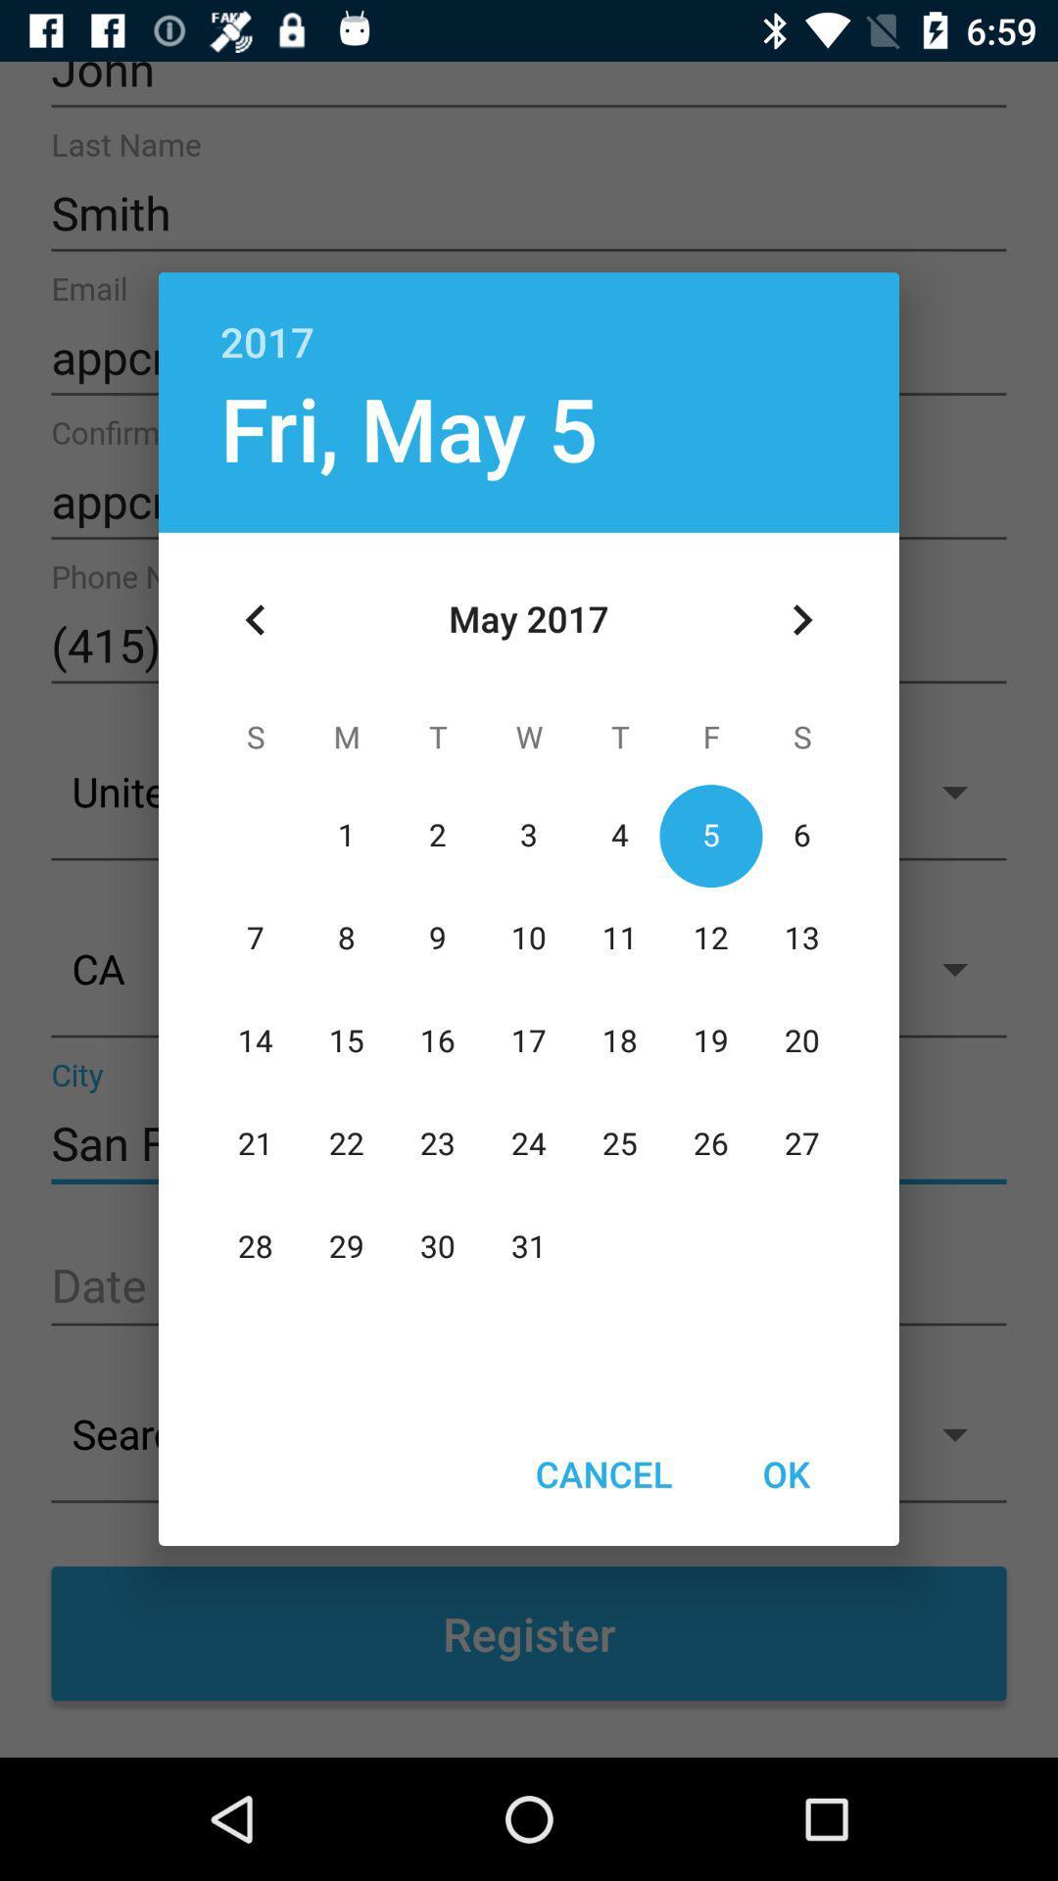  What do you see at coordinates (529, 320) in the screenshot?
I see `item above fri, may 5 icon` at bounding box center [529, 320].